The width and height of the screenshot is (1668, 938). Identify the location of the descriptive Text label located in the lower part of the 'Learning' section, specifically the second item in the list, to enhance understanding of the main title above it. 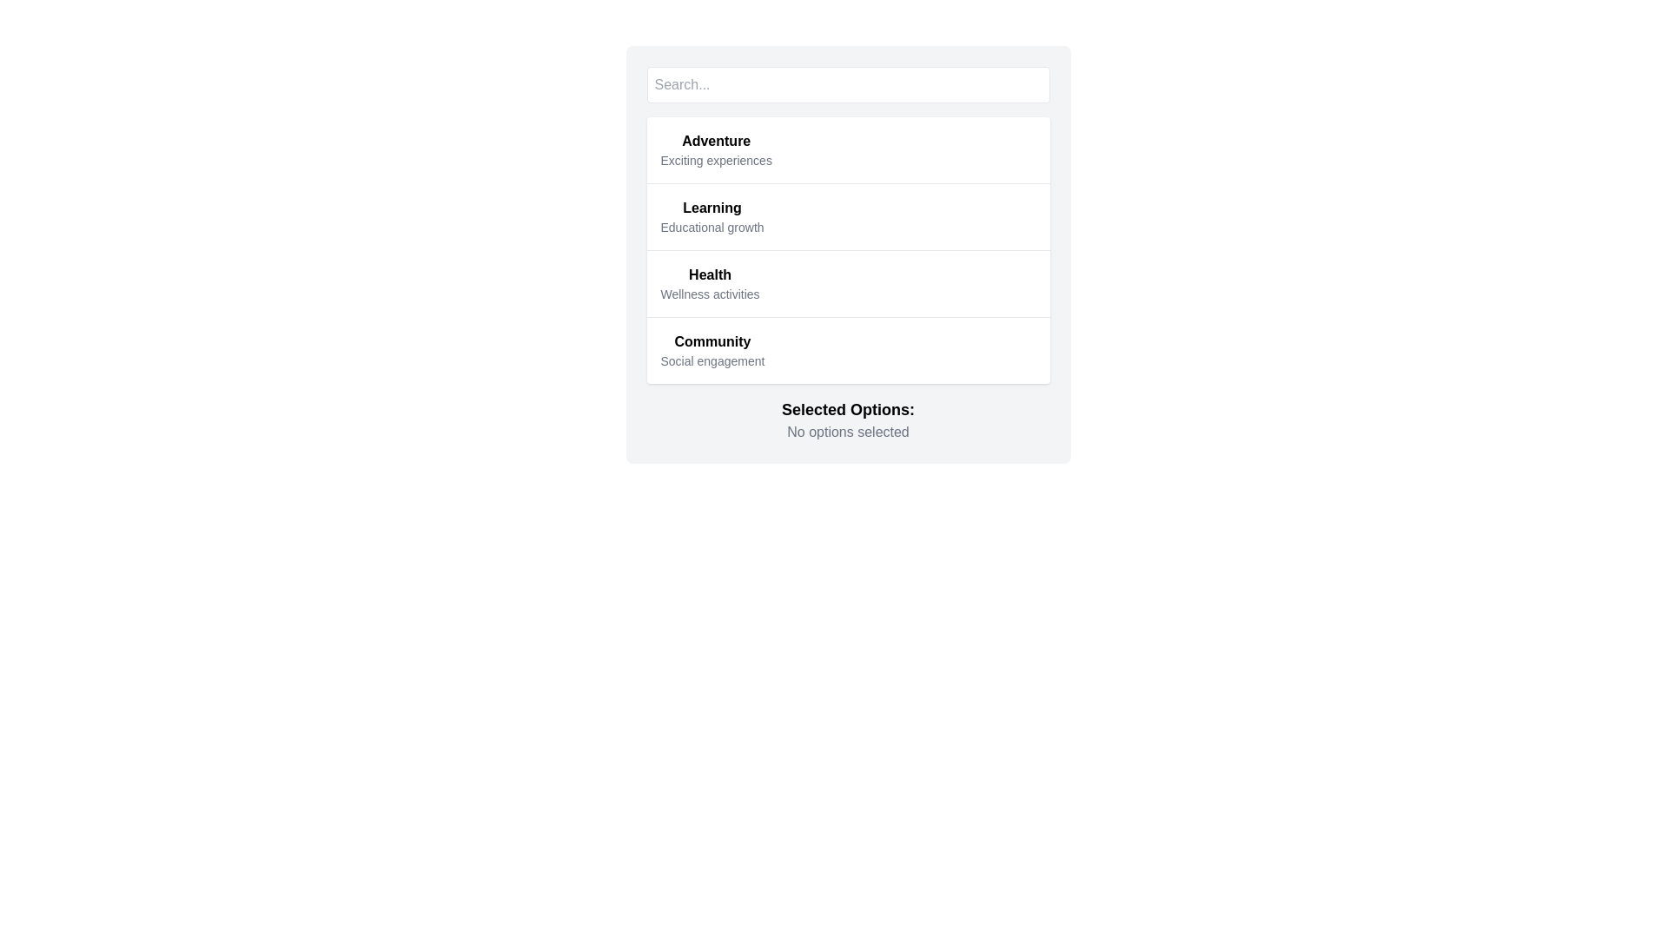
(712, 227).